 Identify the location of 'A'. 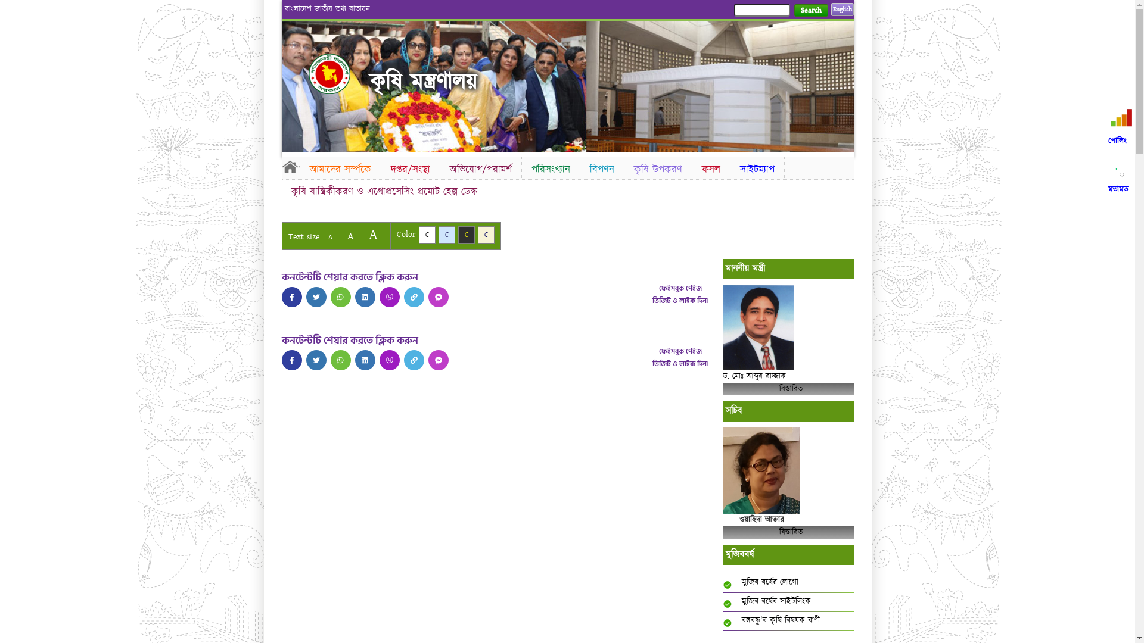
(372, 235).